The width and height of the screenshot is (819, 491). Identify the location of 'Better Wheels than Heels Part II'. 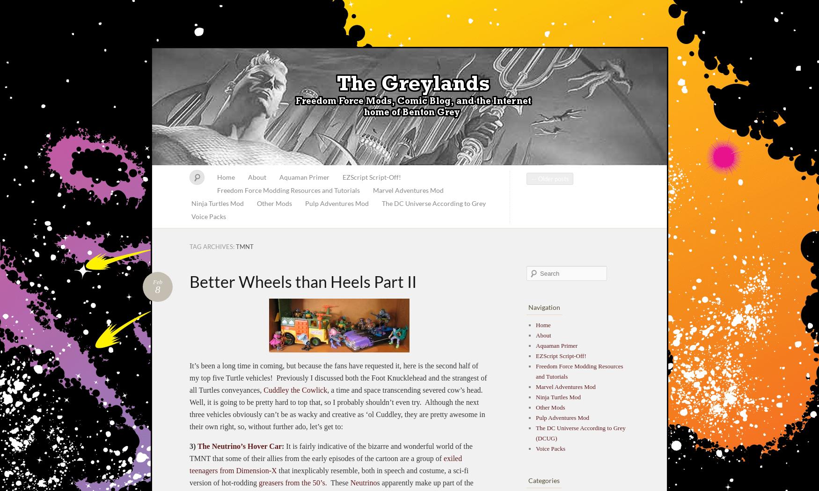
(302, 280).